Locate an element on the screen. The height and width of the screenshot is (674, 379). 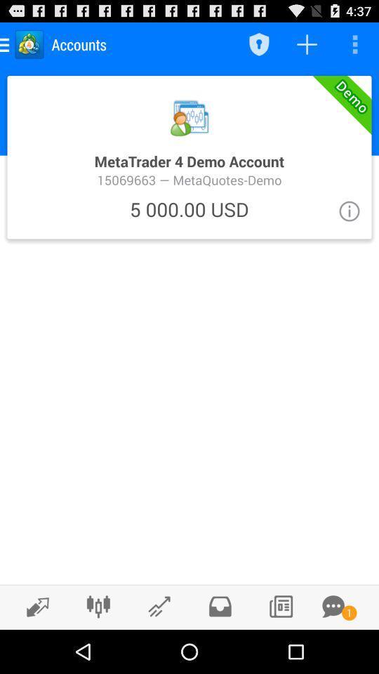
show inforomation is located at coordinates (348, 210).